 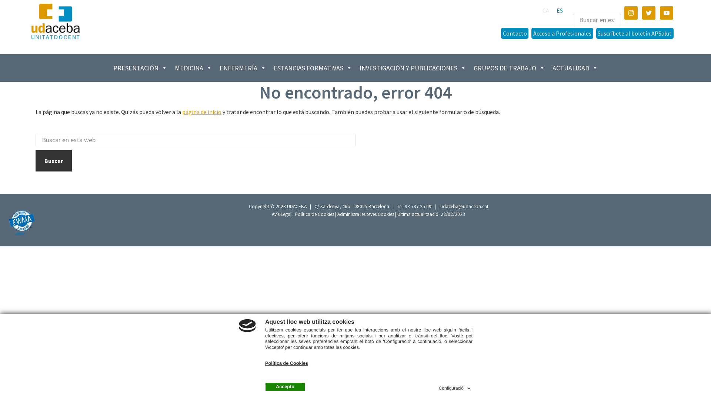 What do you see at coordinates (514, 33) in the screenshot?
I see `'Contacto'` at bounding box center [514, 33].